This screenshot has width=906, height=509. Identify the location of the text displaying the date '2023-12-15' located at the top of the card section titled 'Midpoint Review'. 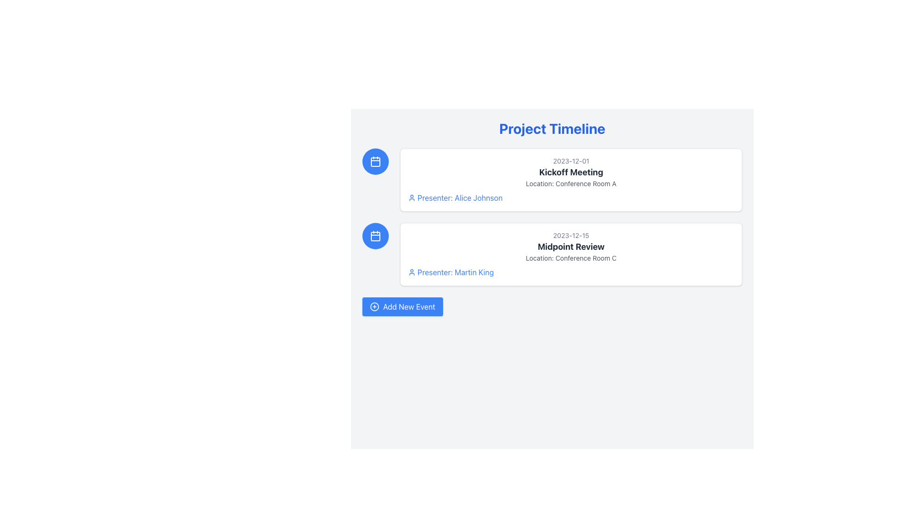
(570, 235).